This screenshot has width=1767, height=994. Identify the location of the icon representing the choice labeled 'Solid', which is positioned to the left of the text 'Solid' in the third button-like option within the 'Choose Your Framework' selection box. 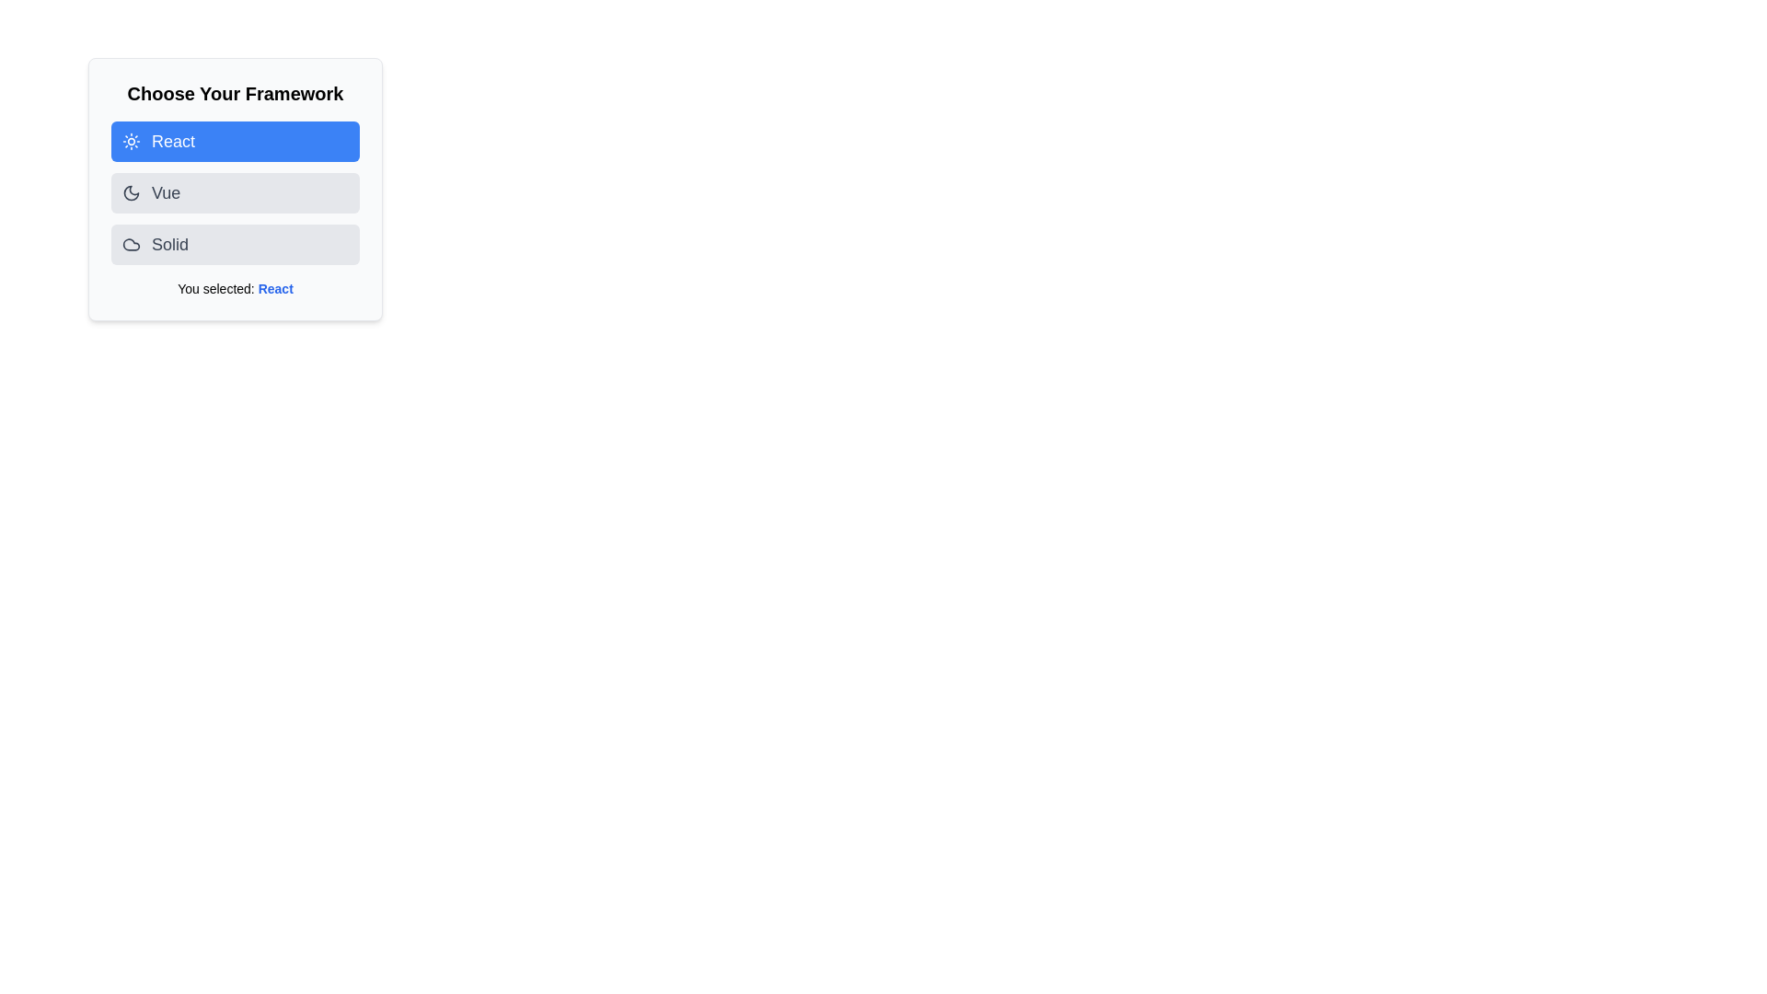
(131, 244).